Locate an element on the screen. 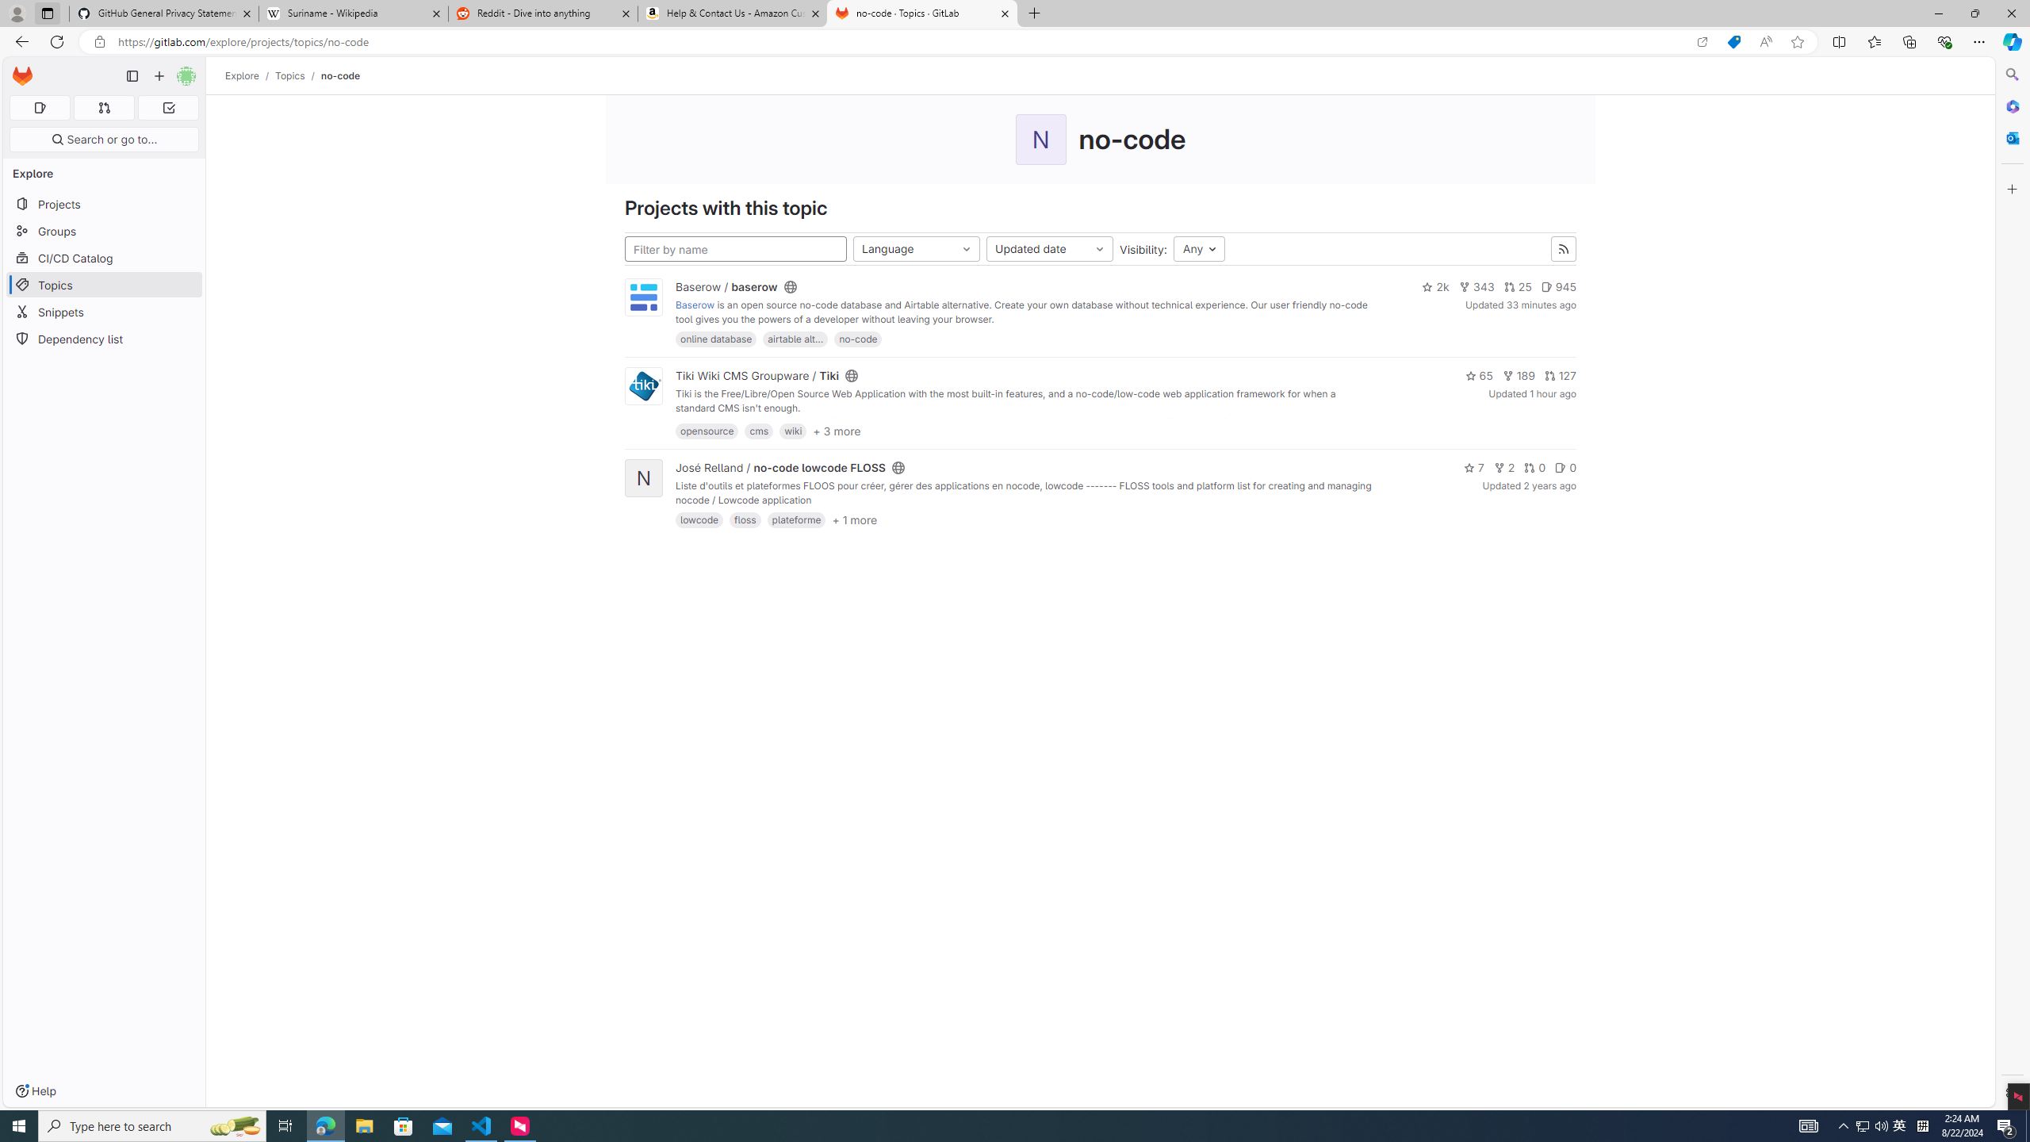  '+ 3 more' is located at coordinates (837, 431).